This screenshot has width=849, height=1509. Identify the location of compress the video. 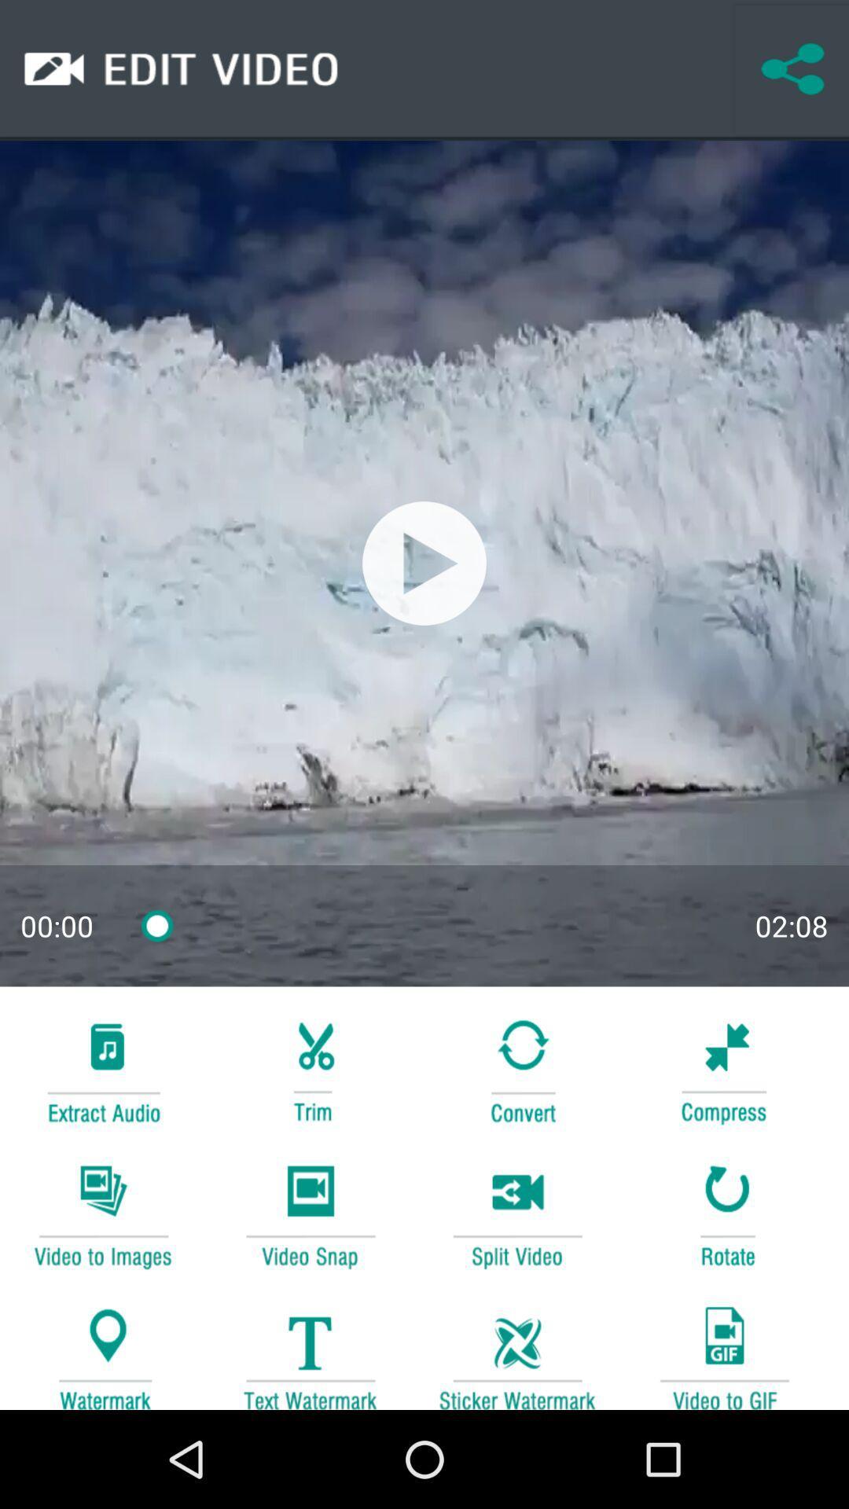
(724, 1069).